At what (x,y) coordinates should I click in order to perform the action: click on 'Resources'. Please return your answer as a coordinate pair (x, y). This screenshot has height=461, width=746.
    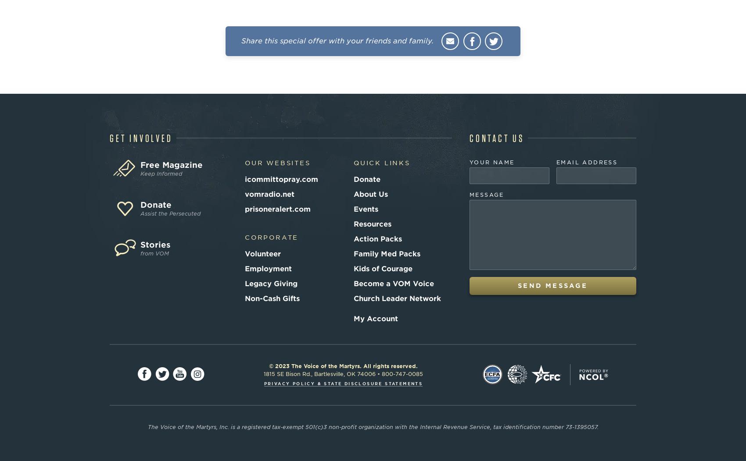
    Looking at the image, I should click on (372, 223).